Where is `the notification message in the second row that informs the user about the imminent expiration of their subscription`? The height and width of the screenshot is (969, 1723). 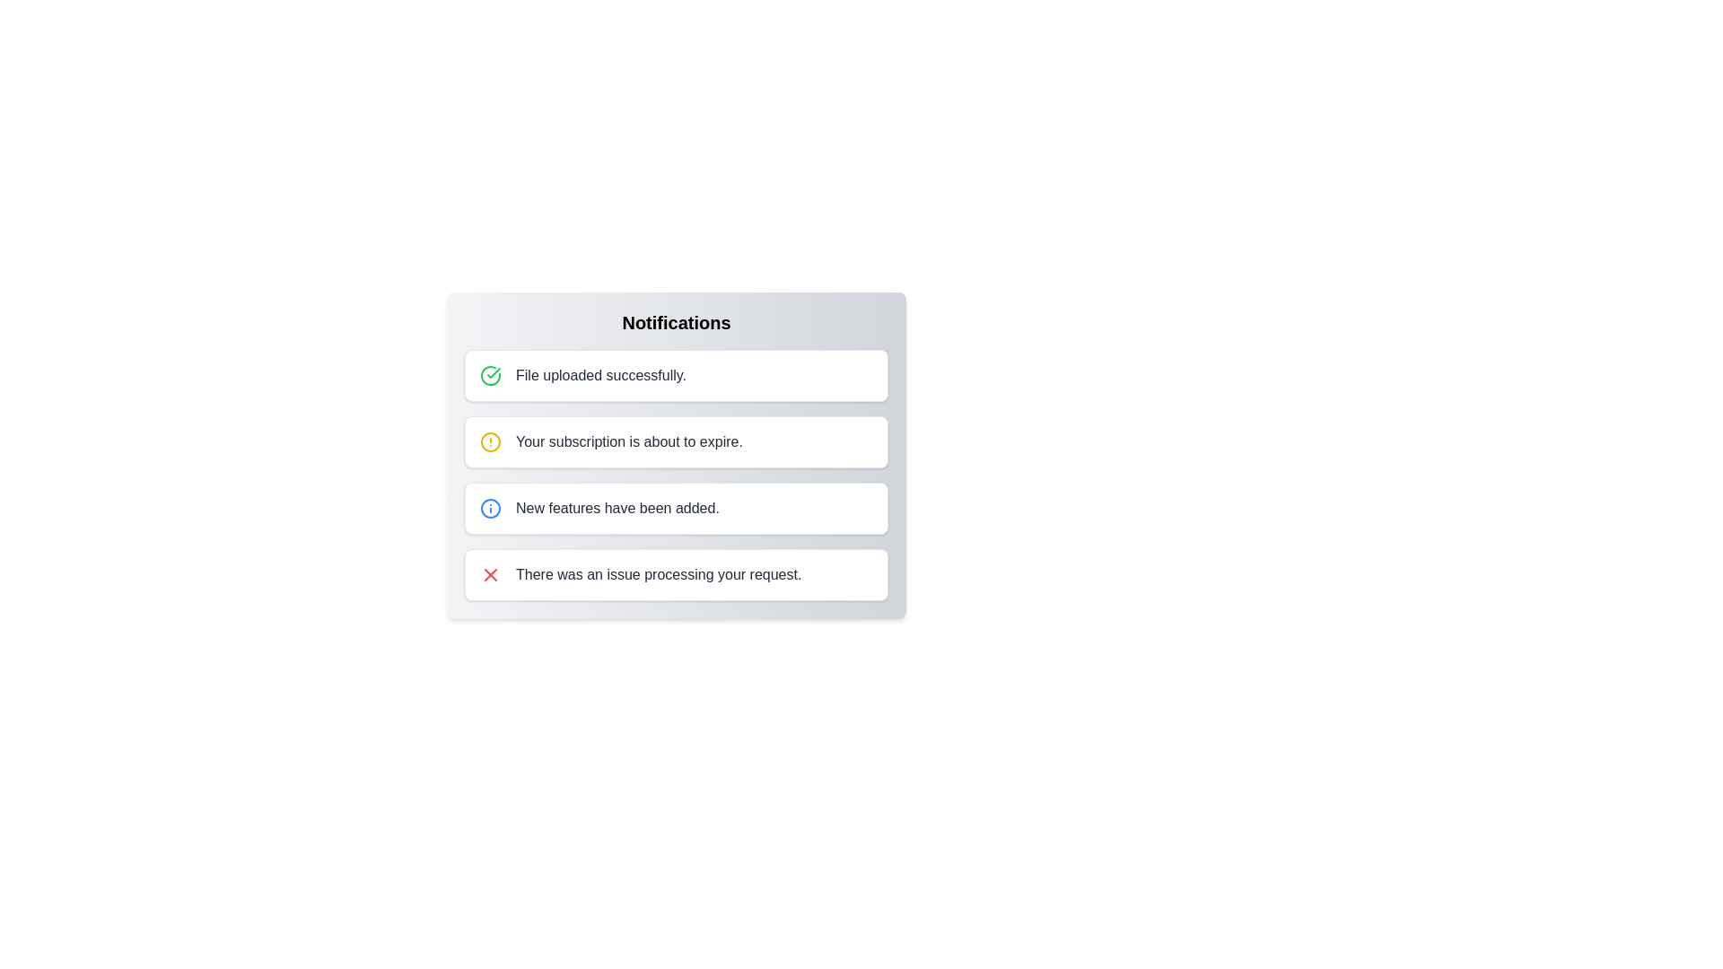
the notification message in the second row that informs the user about the imminent expiration of their subscription is located at coordinates (629, 442).